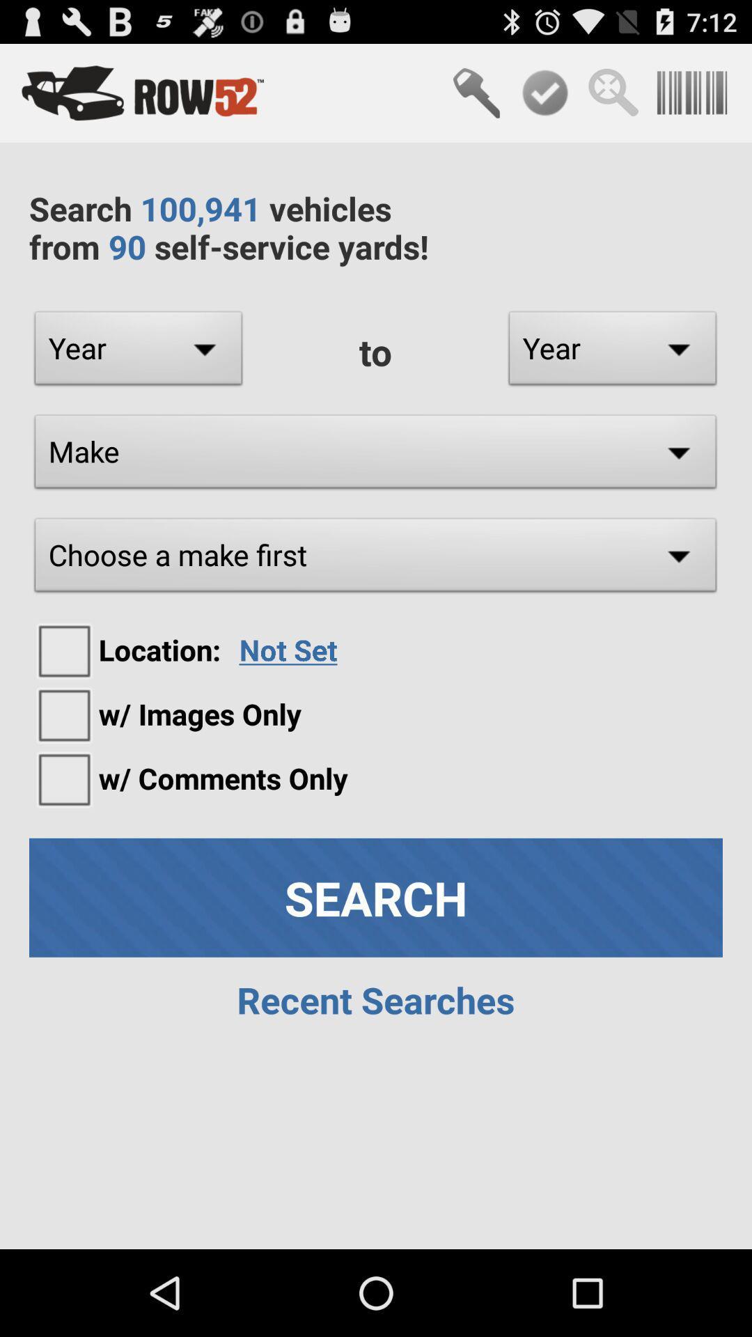 This screenshot has height=1337, width=752. Describe the element at coordinates (476, 99) in the screenshot. I see `the search icon` at that location.